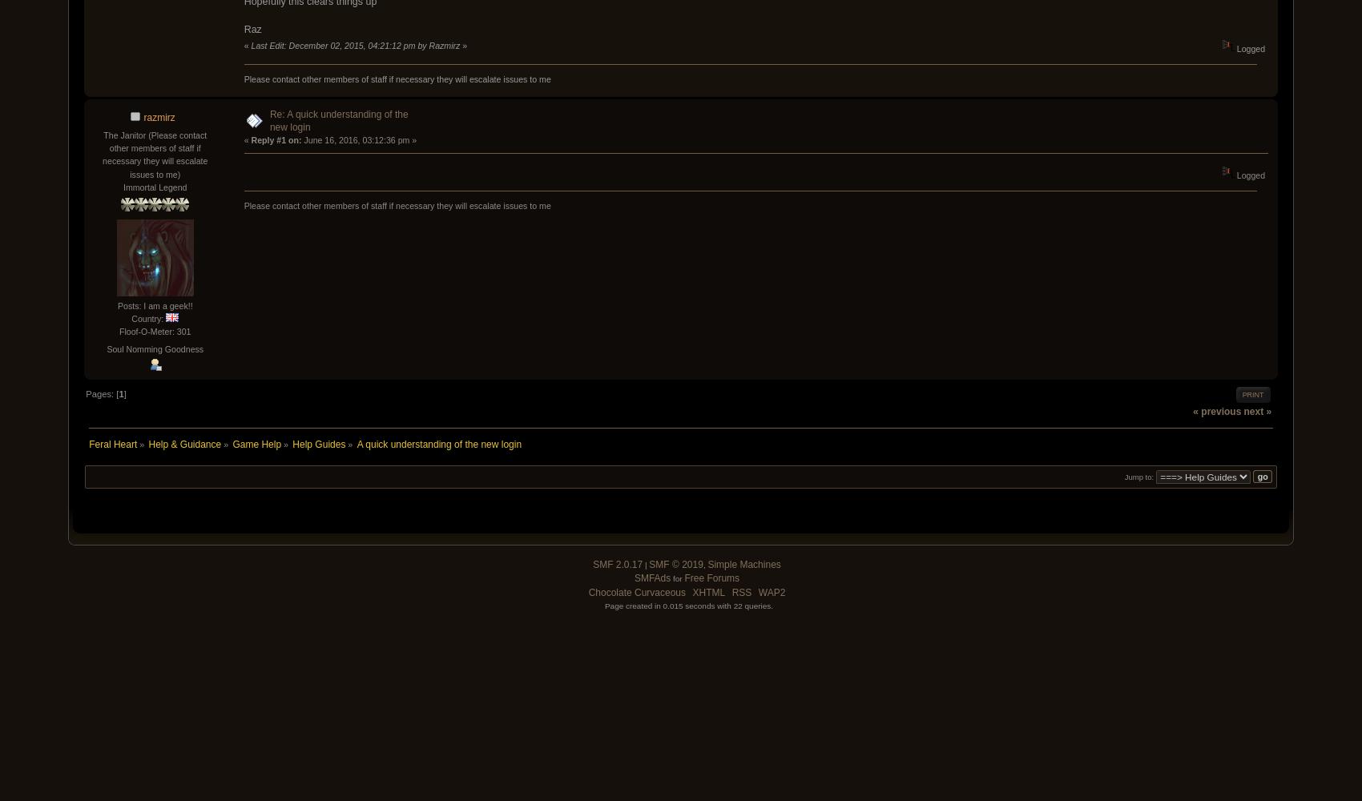 The width and height of the screenshot is (1362, 801). I want to click on 'Jump to:', so click(1138, 475).